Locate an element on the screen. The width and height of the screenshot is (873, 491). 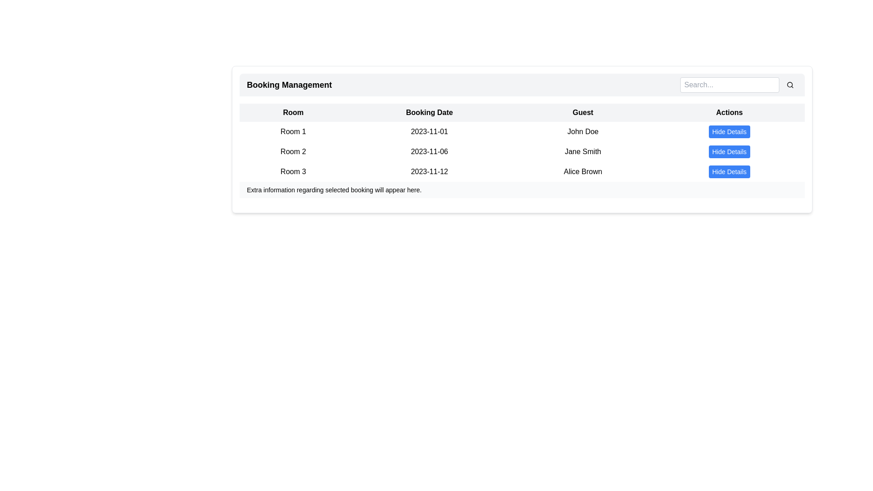
keyboard navigation is located at coordinates (729, 172).